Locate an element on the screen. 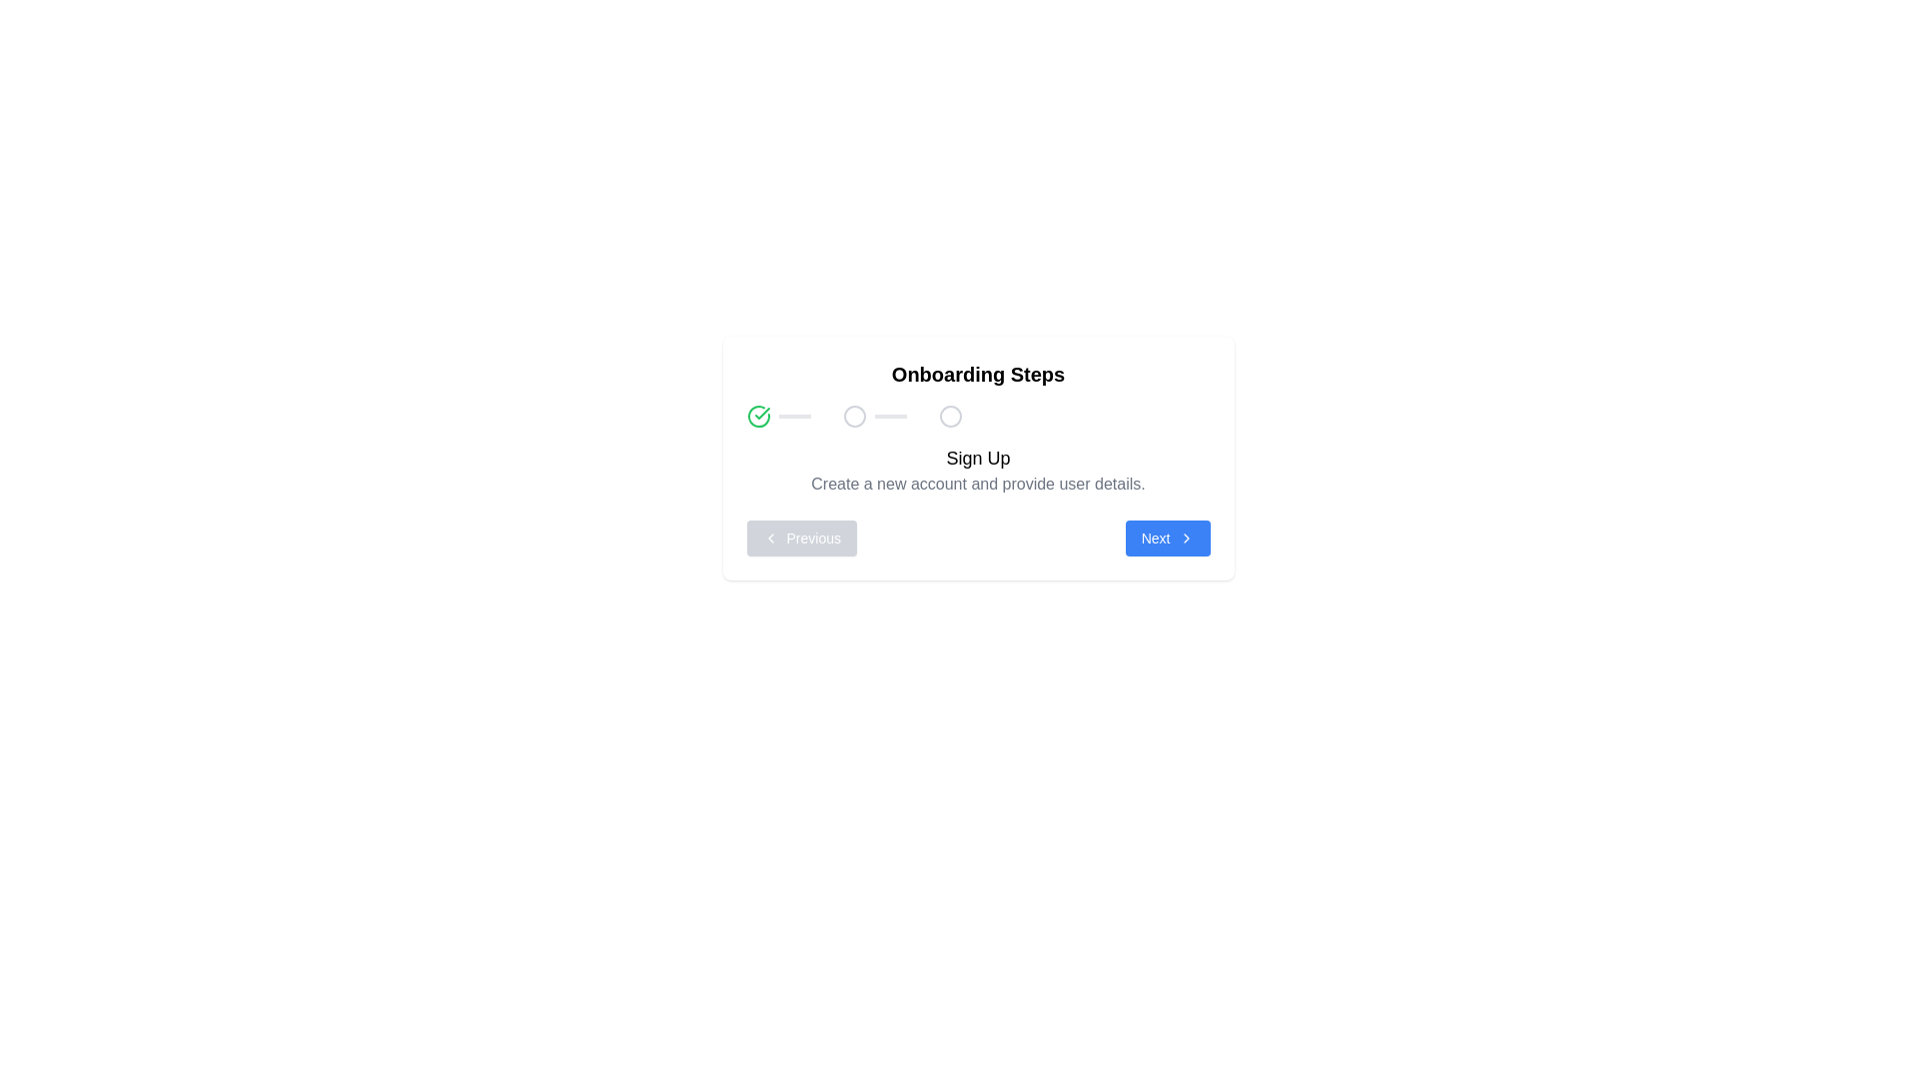 This screenshot has width=1918, height=1079. the Header with subtitle text that displays 'Sign Up' and 'Create a new account and provide user details' within the bordered white box labeled 'Onboarding Steps' is located at coordinates (978, 470).